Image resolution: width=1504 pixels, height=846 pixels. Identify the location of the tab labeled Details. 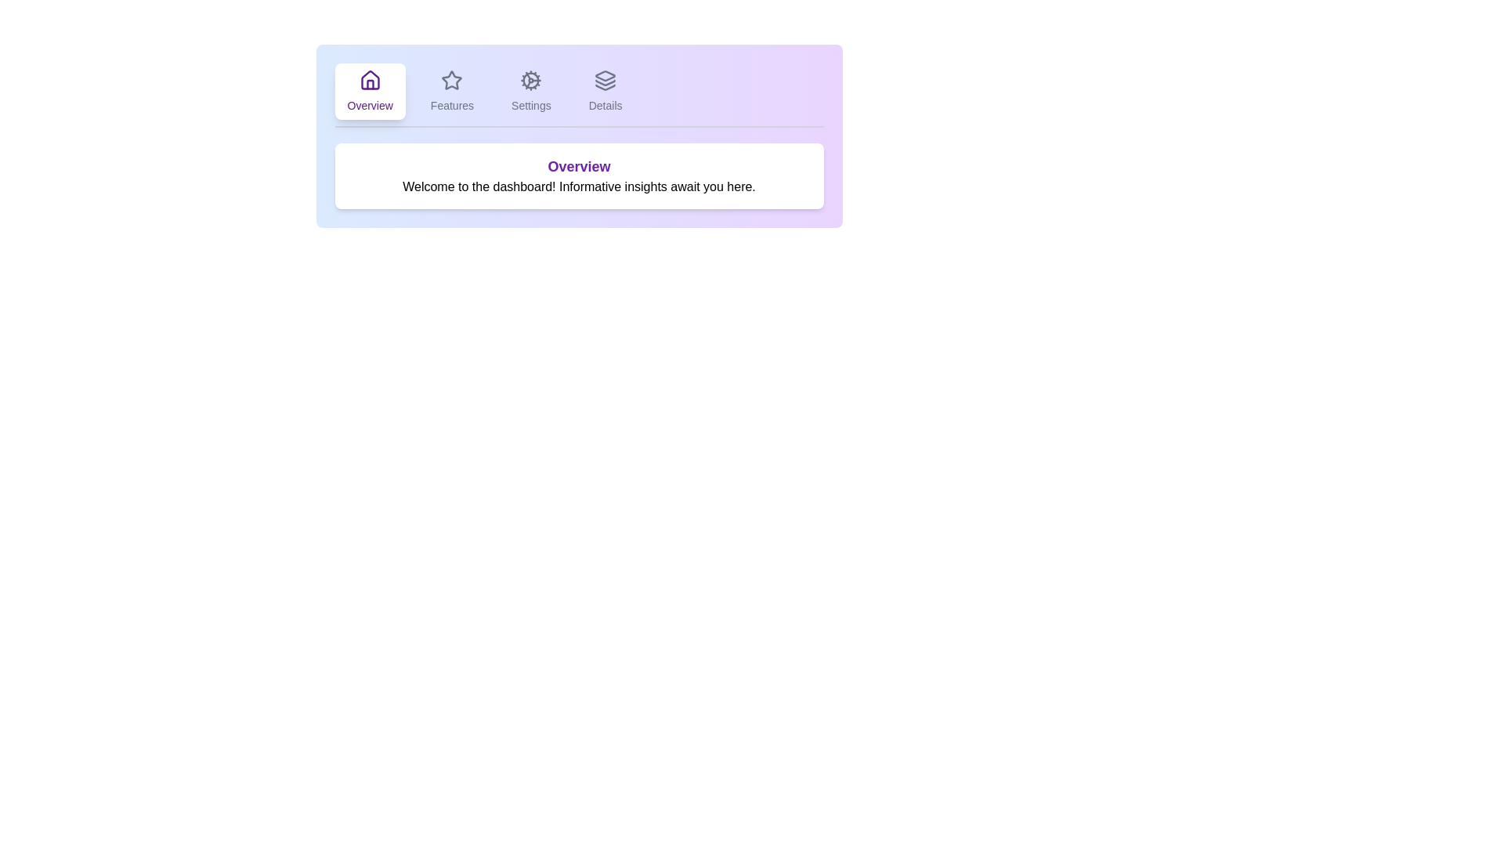
(605, 91).